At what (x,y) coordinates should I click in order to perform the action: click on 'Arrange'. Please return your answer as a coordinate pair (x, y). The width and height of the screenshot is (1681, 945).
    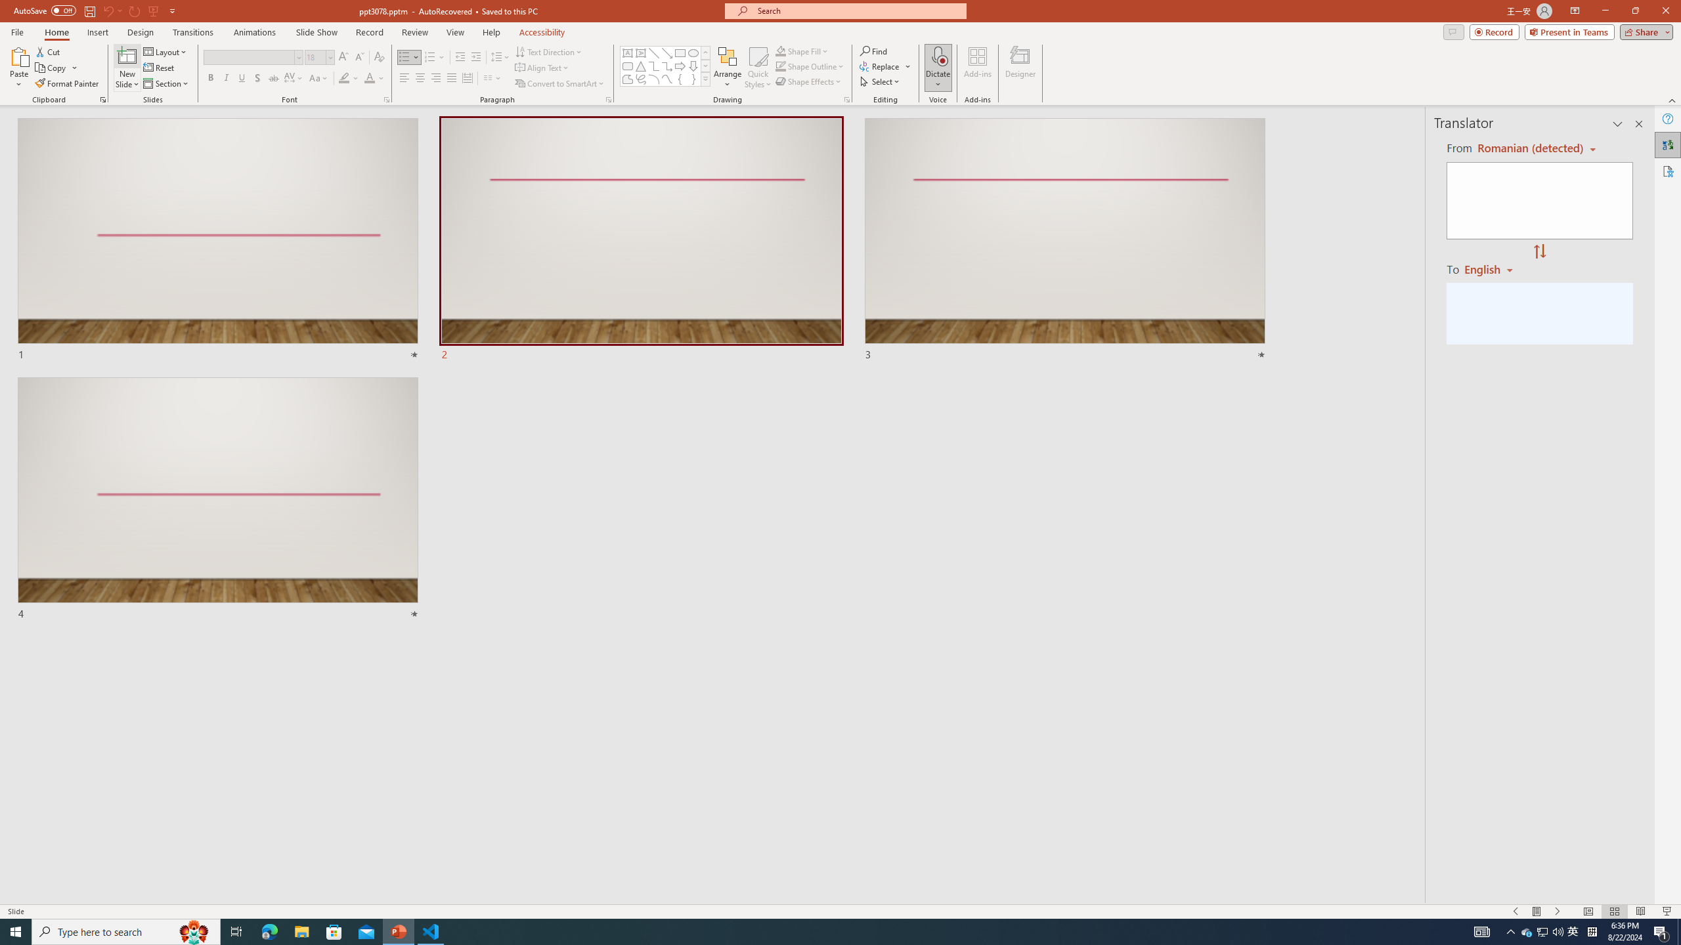
    Looking at the image, I should click on (728, 68).